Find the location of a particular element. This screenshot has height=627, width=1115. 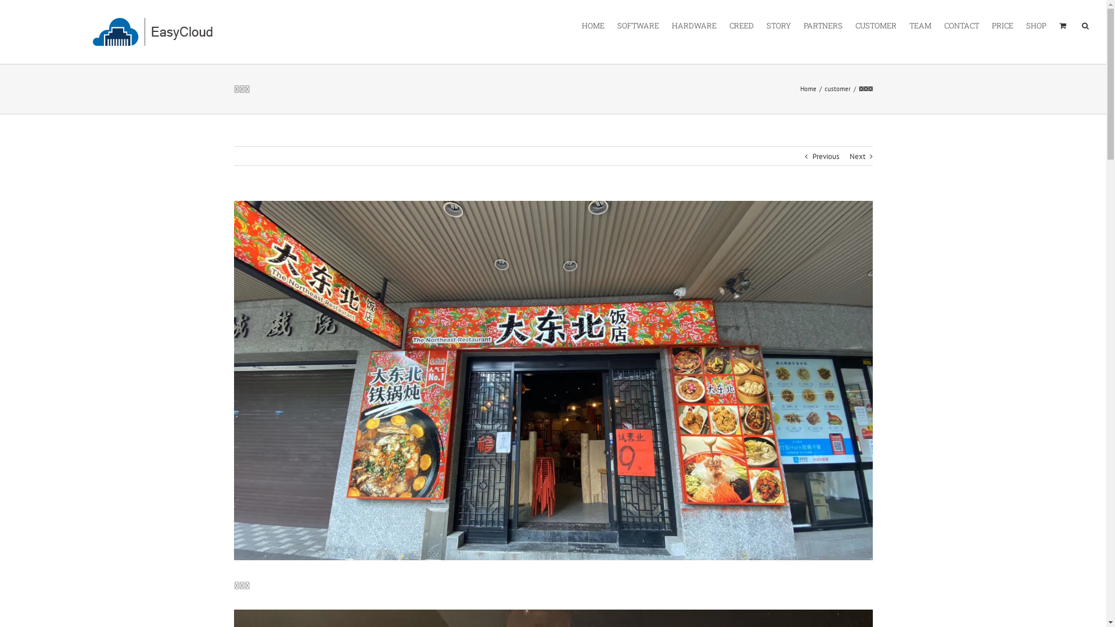

'customer' is located at coordinates (837, 88).